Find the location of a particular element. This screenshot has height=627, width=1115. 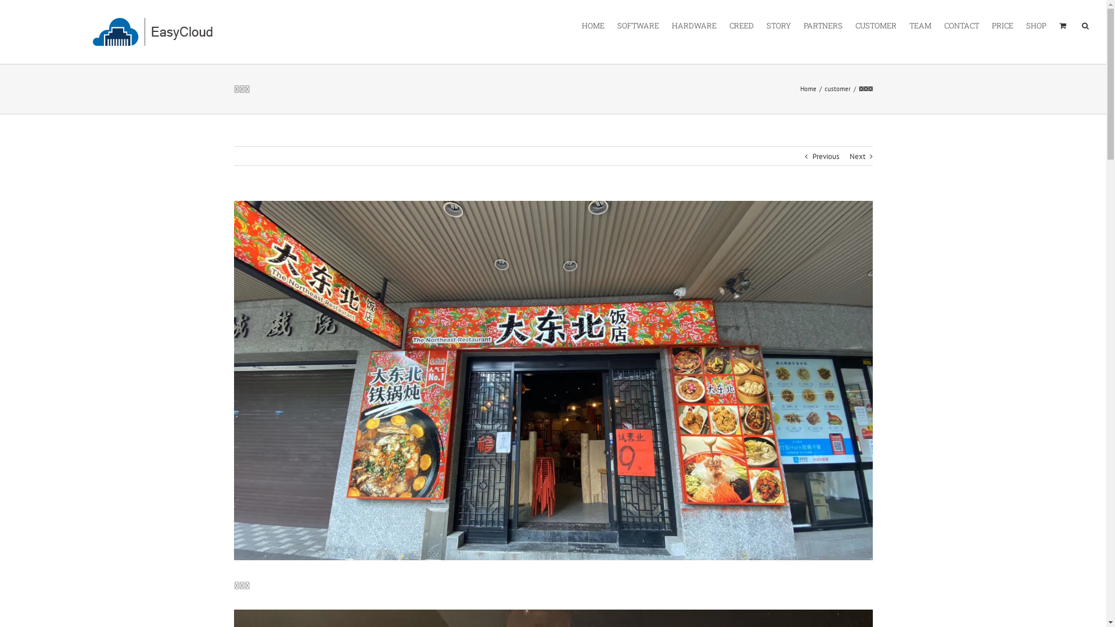

'customer' is located at coordinates (837, 88).